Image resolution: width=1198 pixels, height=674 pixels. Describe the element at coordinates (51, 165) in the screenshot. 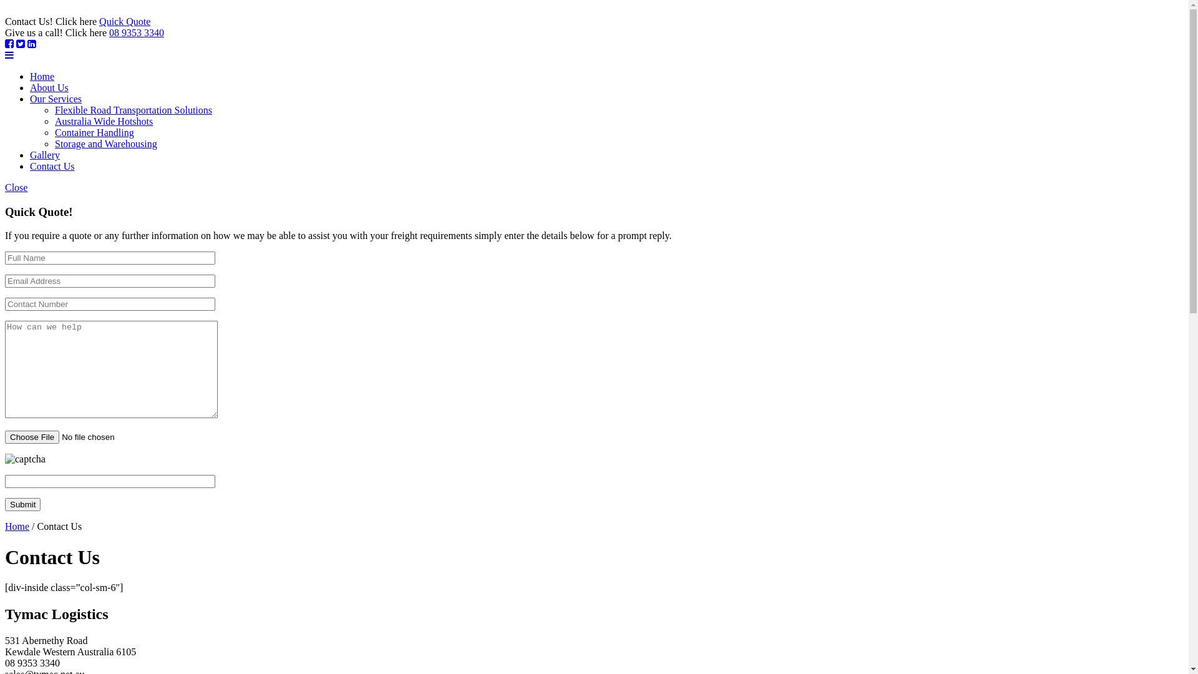

I see `'Contact Us'` at that location.